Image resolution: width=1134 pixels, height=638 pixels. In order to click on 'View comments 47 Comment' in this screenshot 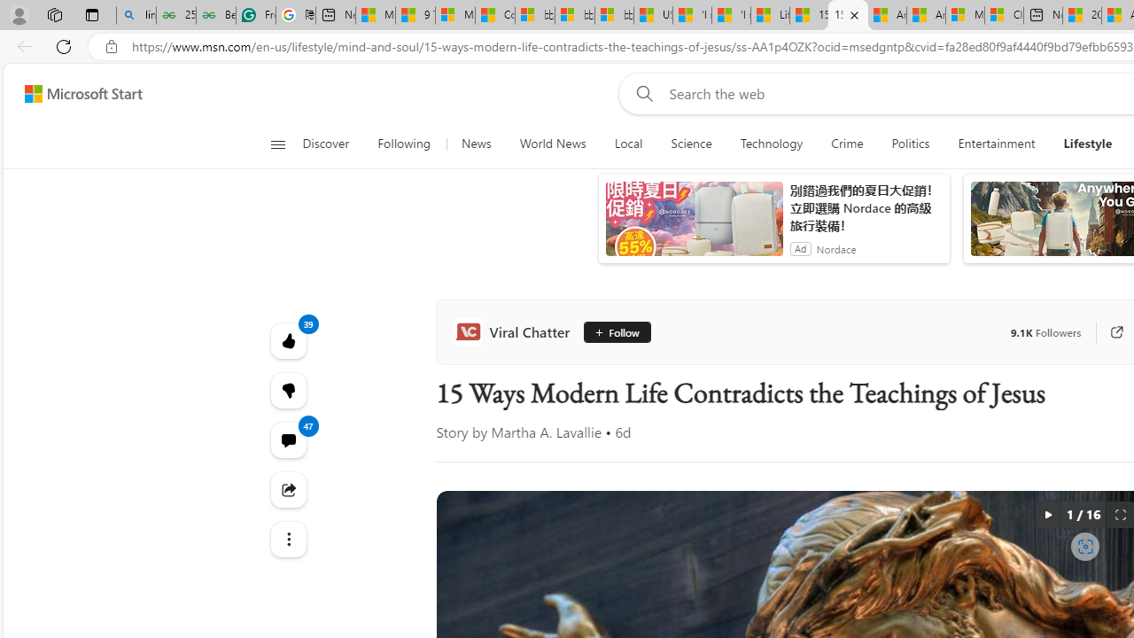, I will do `click(288, 439)`.